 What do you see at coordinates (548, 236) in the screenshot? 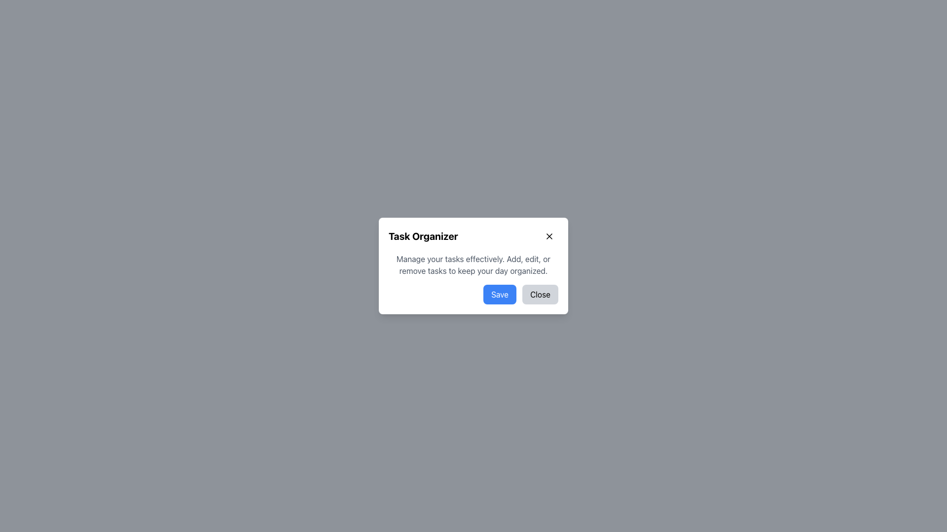
I see `the Close icon, represented by a small 'X' shape with a black stroke, located in the top-right corner of the pop-up dialog box titled 'Task Organizer'` at bounding box center [548, 236].